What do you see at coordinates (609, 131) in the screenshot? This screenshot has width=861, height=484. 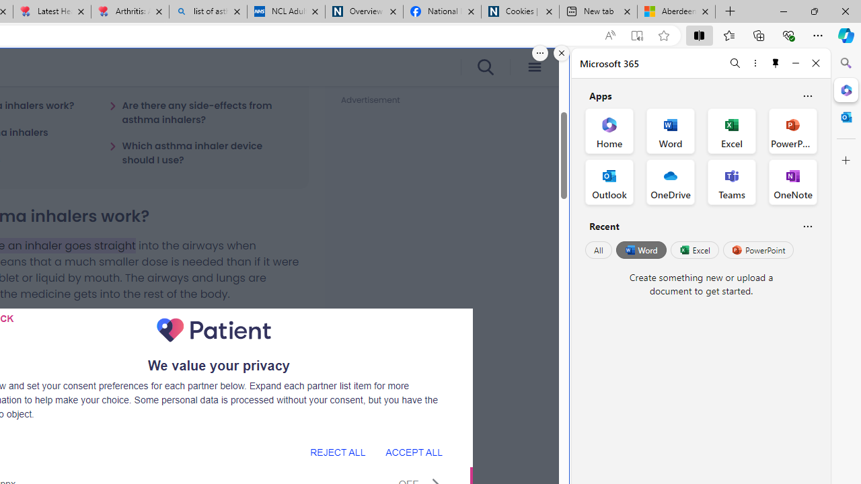 I see `'Home Office App'` at bounding box center [609, 131].